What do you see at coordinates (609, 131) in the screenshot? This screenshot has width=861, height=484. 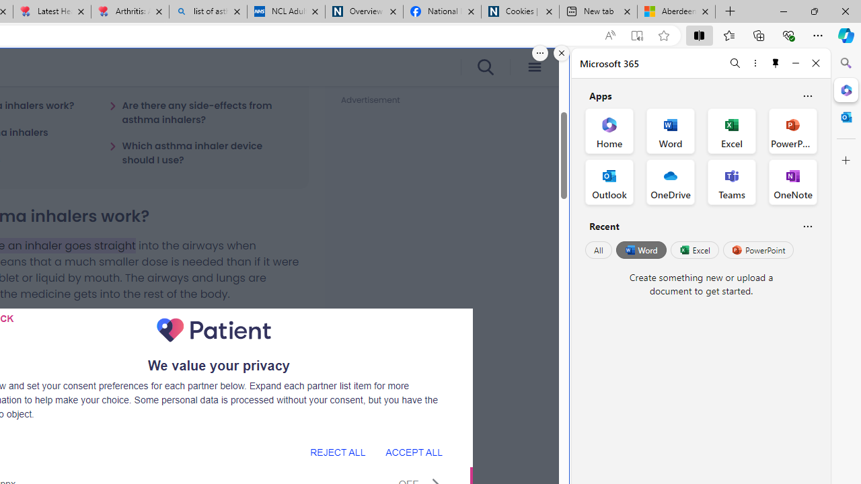 I see `'Home Office App'` at bounding box center [609, 131].